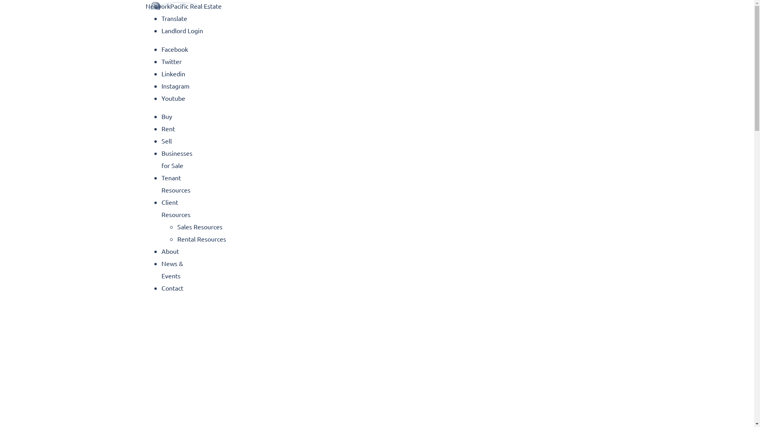 This screenshot has height=427, width=760. What do you see at coordinates (199, 227) in the screenshot?
I see `'Sales Resources'` at bounding box center [199, 227].